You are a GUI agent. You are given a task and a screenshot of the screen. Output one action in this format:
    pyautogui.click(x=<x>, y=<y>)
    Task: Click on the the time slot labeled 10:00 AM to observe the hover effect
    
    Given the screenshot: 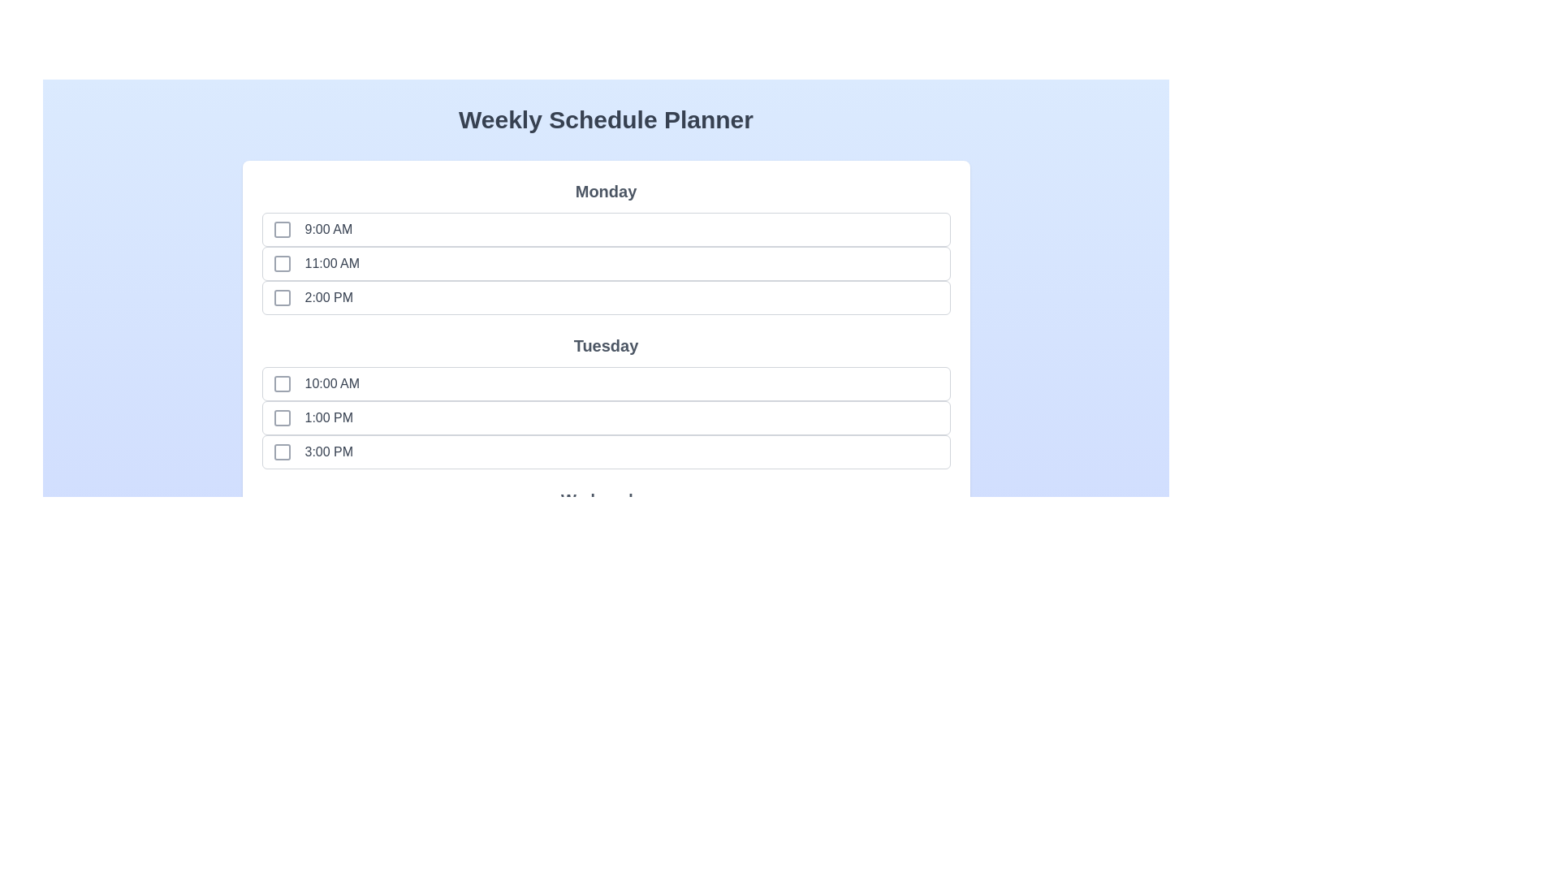 What is the action you would take?
    pyautogui.click(x=304, y=384)
    